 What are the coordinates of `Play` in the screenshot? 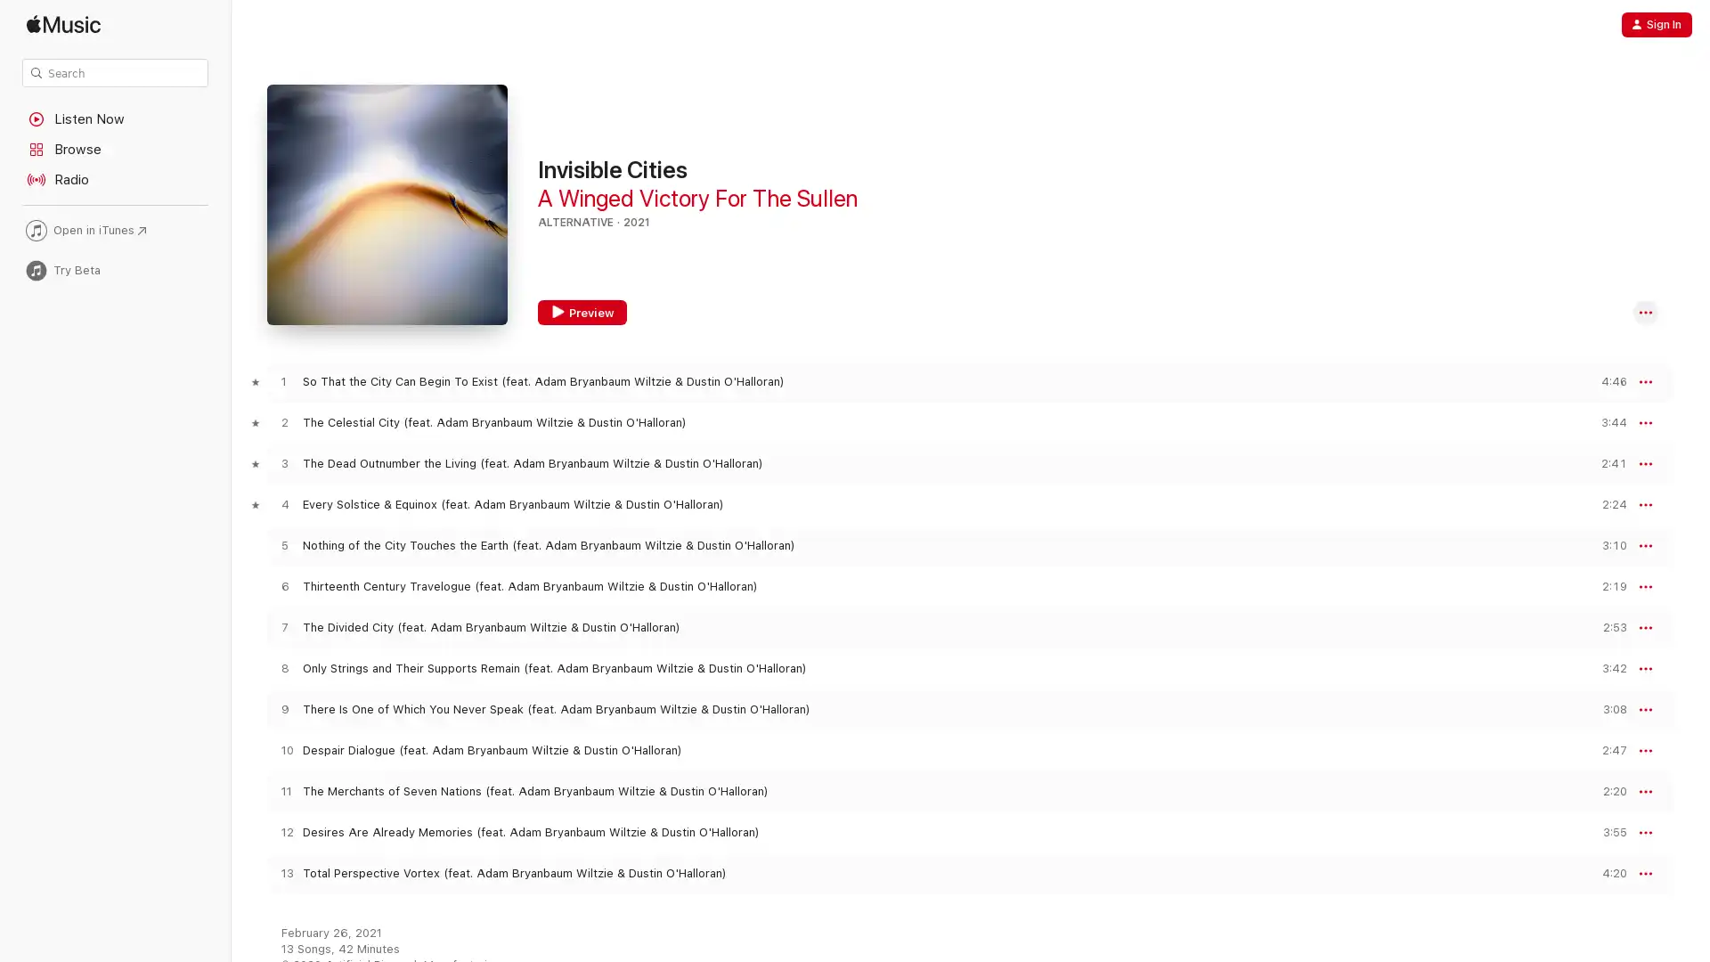 It's located at (283, 504).